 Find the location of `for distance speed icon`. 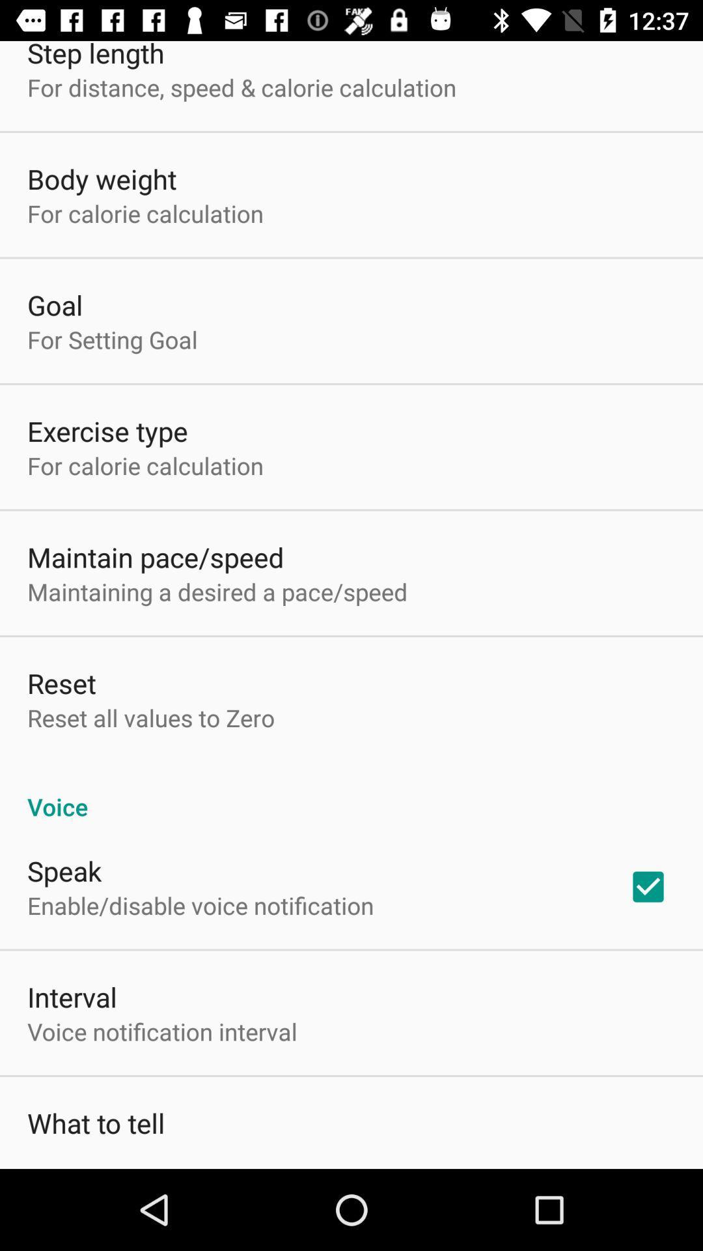

for distance speed icon is located at coordinates (241, 87).